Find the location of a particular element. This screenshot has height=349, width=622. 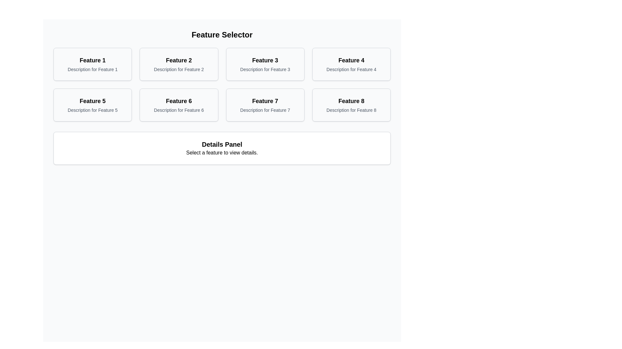

the Text label that identifies 'Feature 3' located at the top of the box labeled 'Feature 3 Description for Feature 3' is located at coordinates (265, 60).